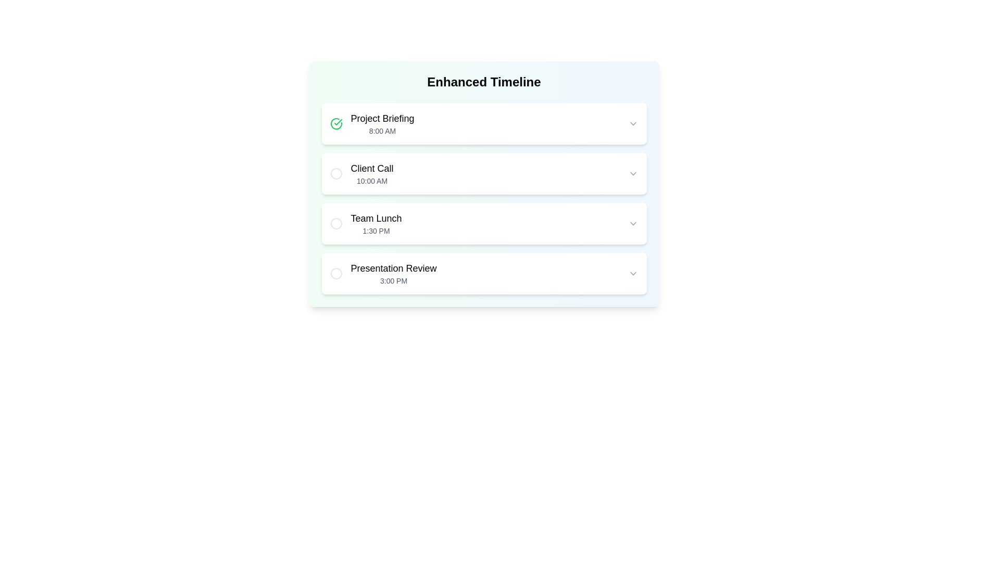 This screenshot has height=562, width=1000. What do you see at coordinates (483, 173) in the screenshot?
I see `the second row of the timeline labeled 'Client Call'` at bounding box center [483, 173].